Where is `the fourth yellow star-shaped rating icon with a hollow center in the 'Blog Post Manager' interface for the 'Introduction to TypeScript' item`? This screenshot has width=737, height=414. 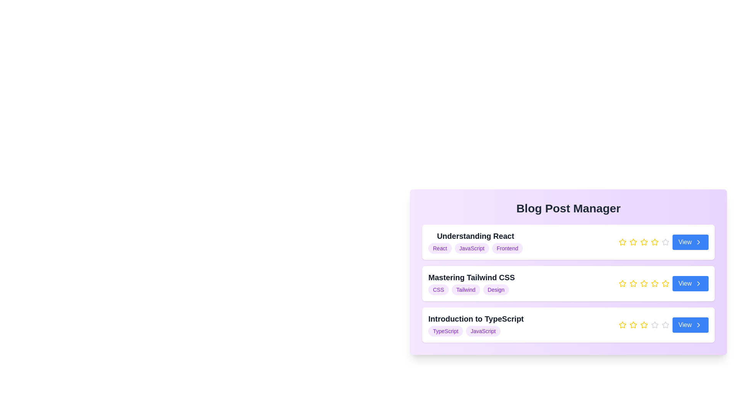 the fourth yellow star-shaped rating icon with a hollow center in the 'Blog Post Manager' interface for the 'Introduction to TypeScript' item is located at coordinates (644, 325).